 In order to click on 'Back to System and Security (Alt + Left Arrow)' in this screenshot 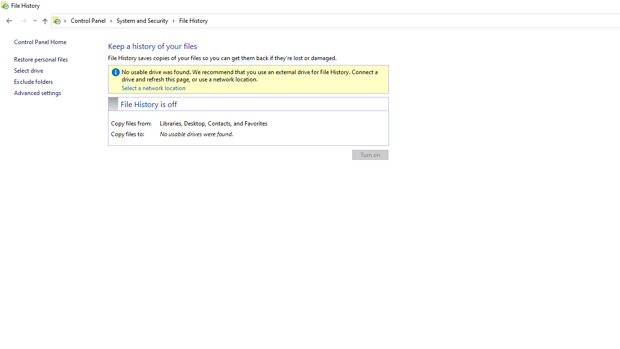, I will do `click(9, 21)`.